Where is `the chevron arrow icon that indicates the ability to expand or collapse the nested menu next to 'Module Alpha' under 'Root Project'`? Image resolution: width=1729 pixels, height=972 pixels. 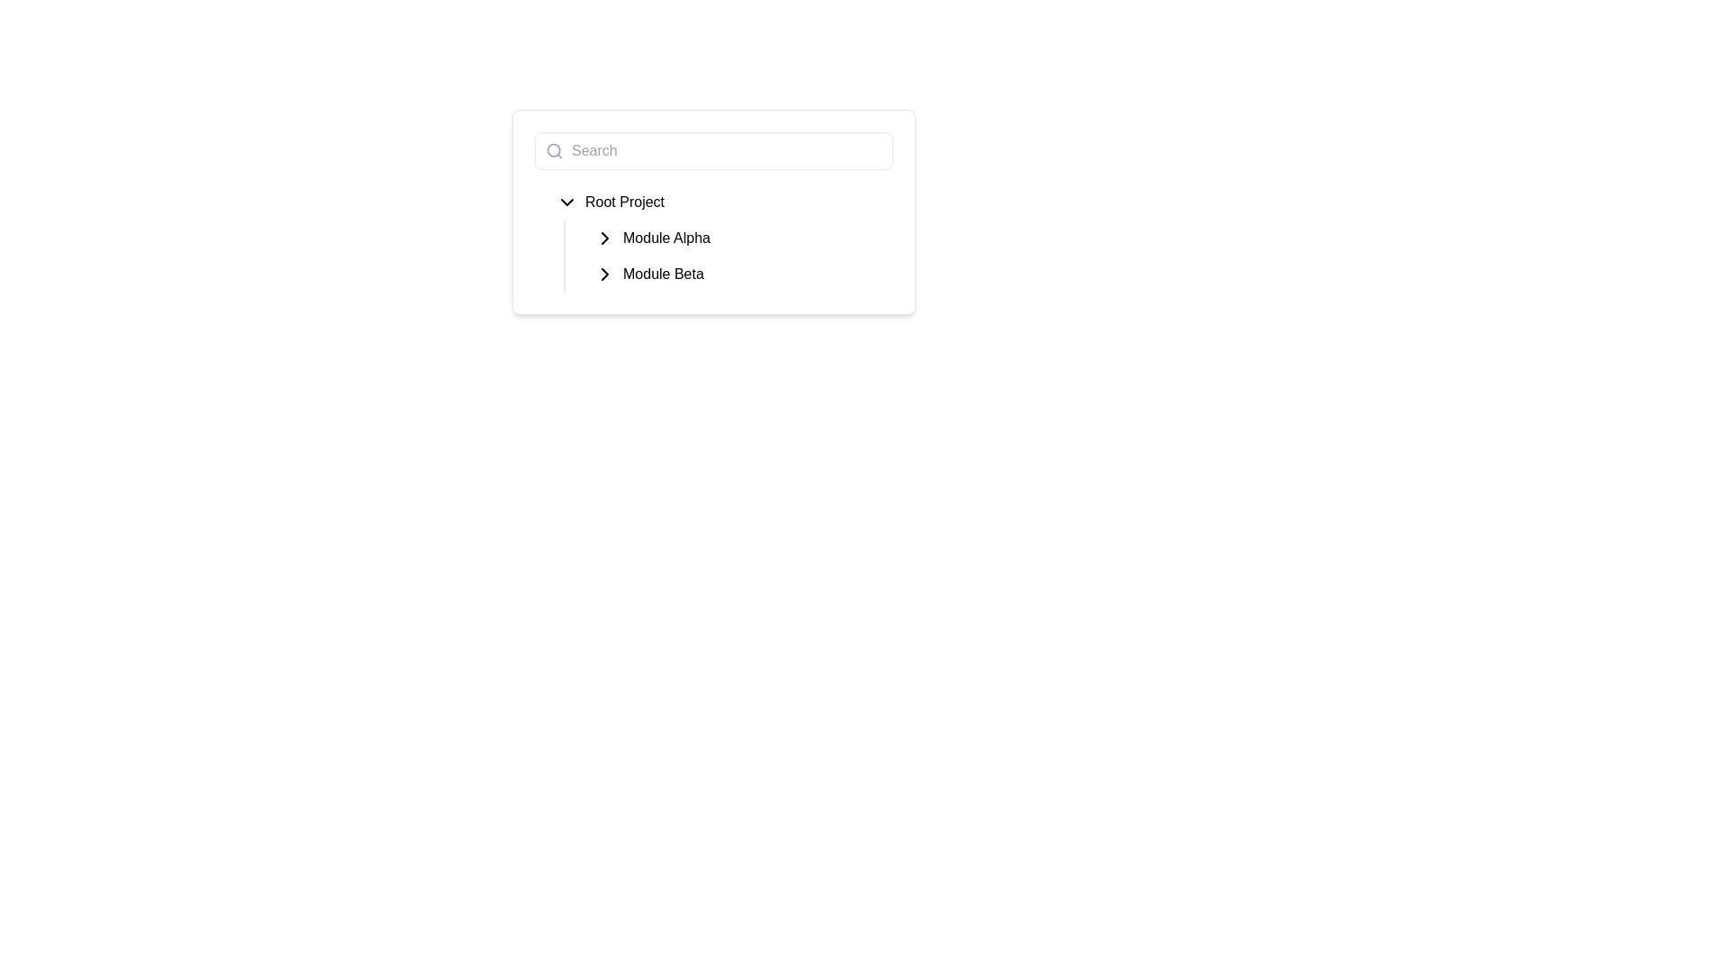 the chevron arrow icon that indicates the ability to expand or collapse the nested menu next to 'Module Alpha' under 'Root Project' is located at coordinates (605, 238).